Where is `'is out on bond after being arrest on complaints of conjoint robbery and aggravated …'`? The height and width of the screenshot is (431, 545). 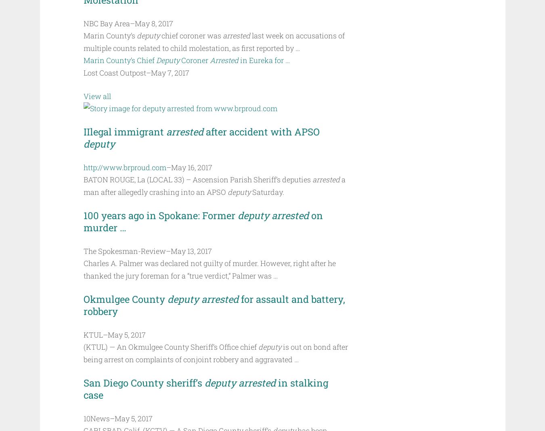
'is out on bond after being arrest on complaints of conjoint robbery and aggravated …' is located at coordinates (83, 353).